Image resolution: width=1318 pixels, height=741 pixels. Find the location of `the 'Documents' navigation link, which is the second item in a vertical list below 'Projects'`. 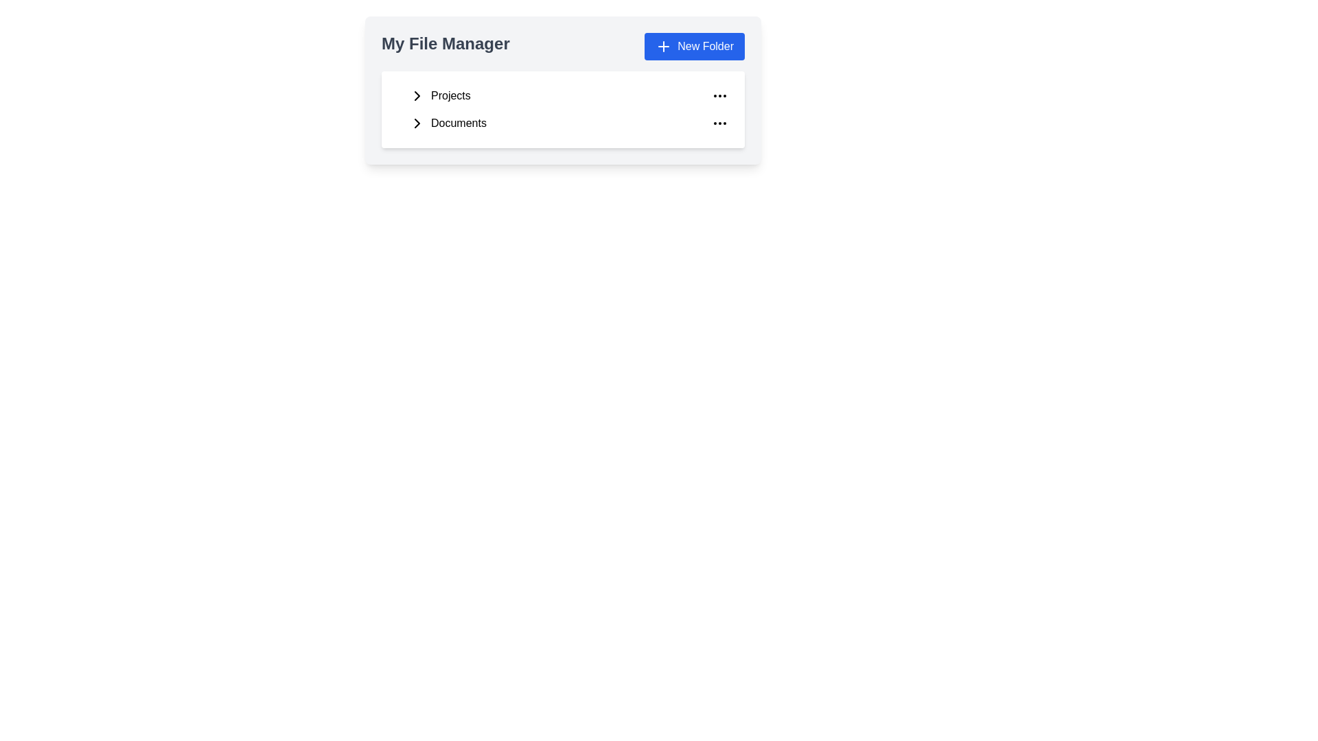

the 'Documents' navigation link, which is the second item in a vertical list below 'Projects' is located at coordinates (459, 123).